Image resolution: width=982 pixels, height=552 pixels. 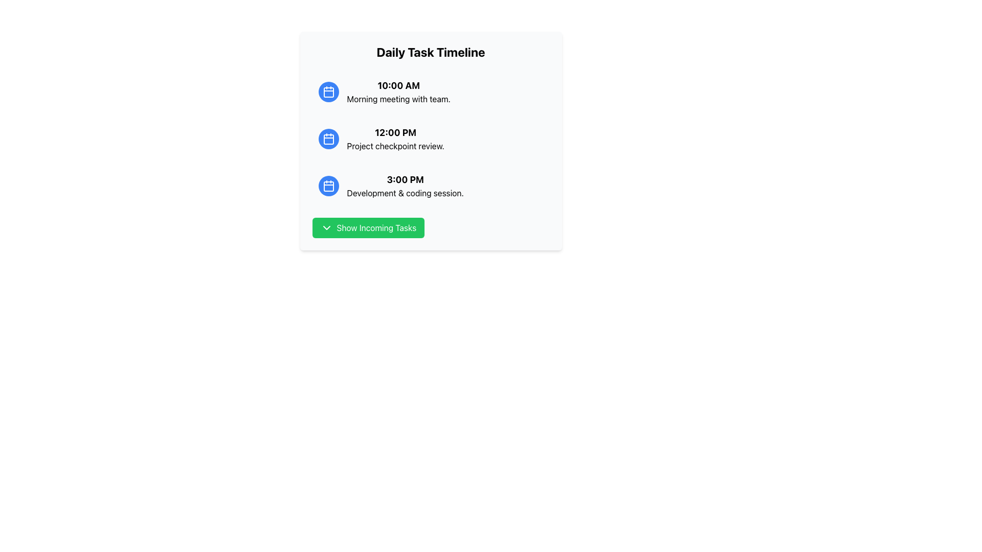 I want to click on the first list item in the 'Daily Task Timeline' which features a blue calendar icon on the left and text stating '10:00 AM' and 'Morning meeting with team.', so click(x=431, y=92).